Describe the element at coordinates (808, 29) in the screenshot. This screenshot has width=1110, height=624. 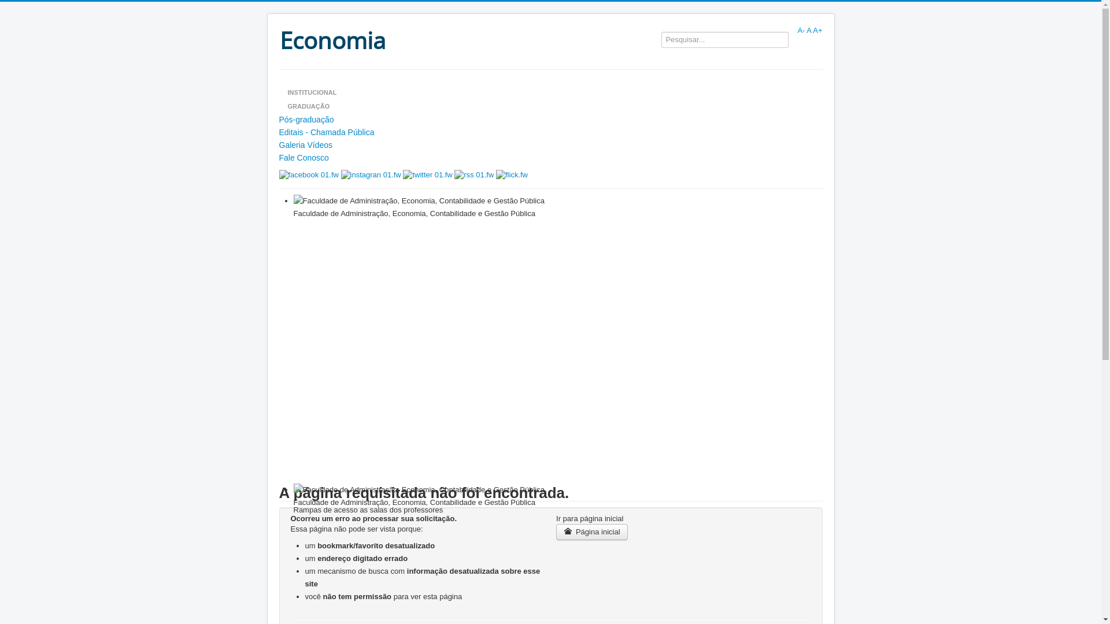
I see `'A'` at that location.